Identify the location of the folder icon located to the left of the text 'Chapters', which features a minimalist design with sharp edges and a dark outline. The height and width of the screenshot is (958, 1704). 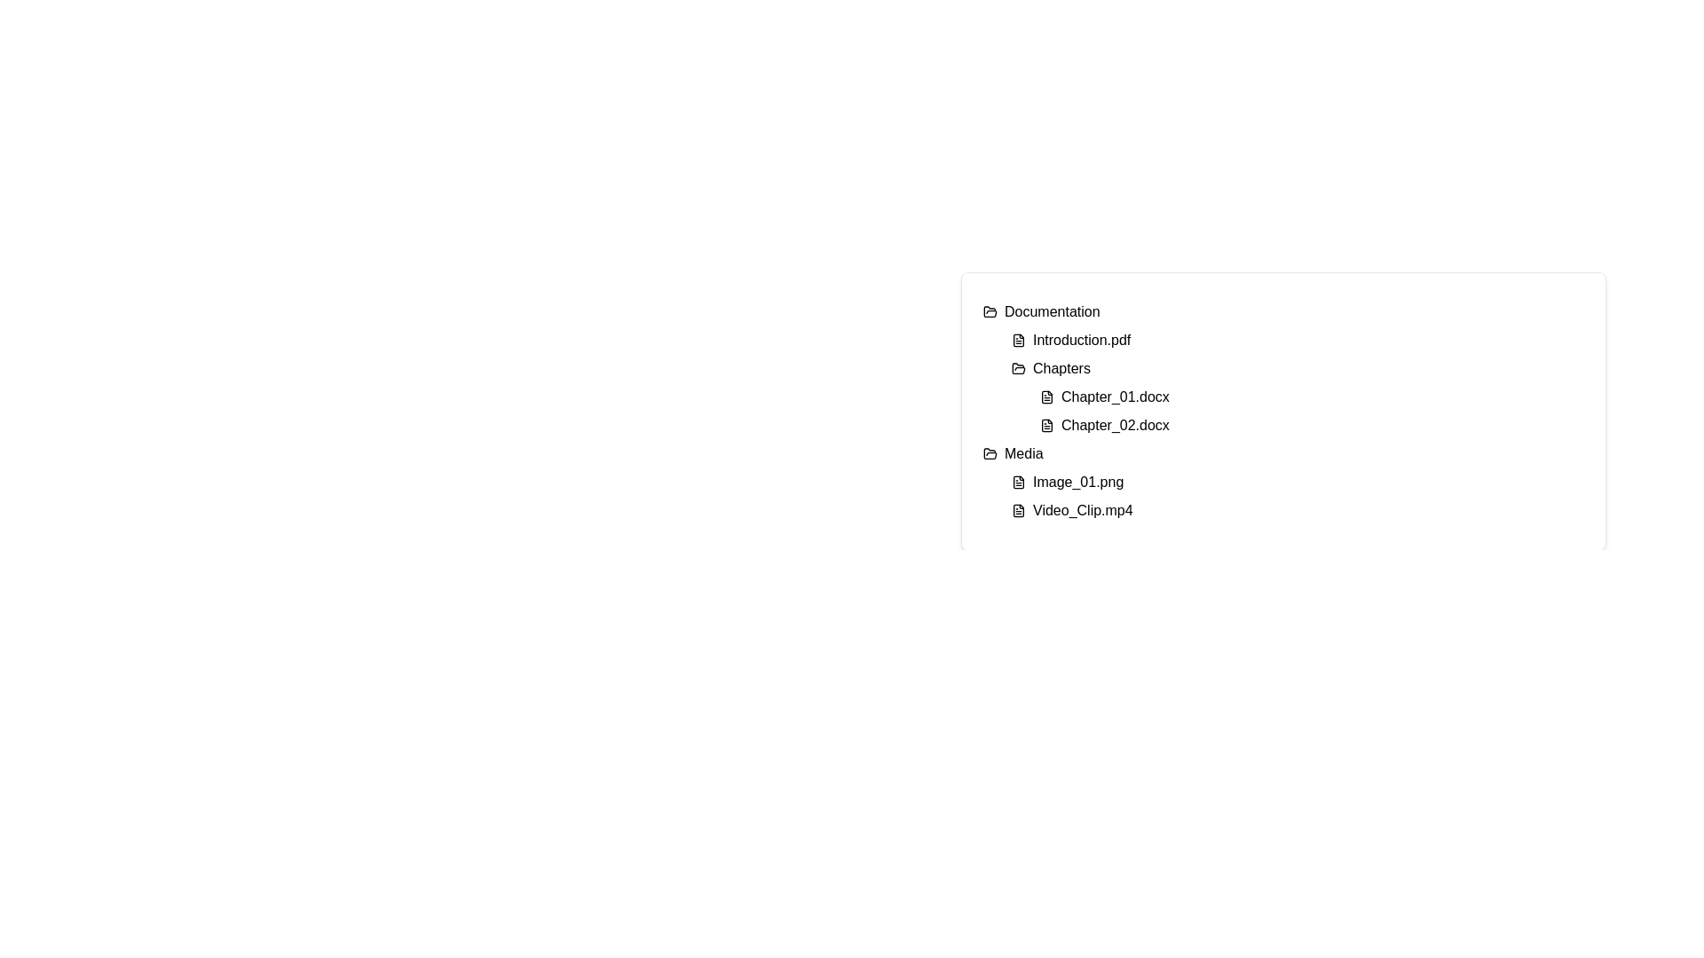
(1018, 368).